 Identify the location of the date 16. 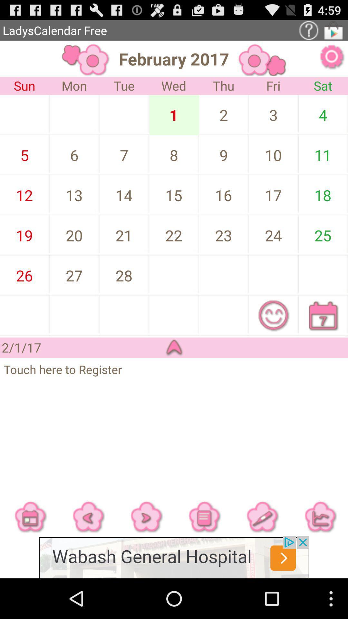
(206, 195).